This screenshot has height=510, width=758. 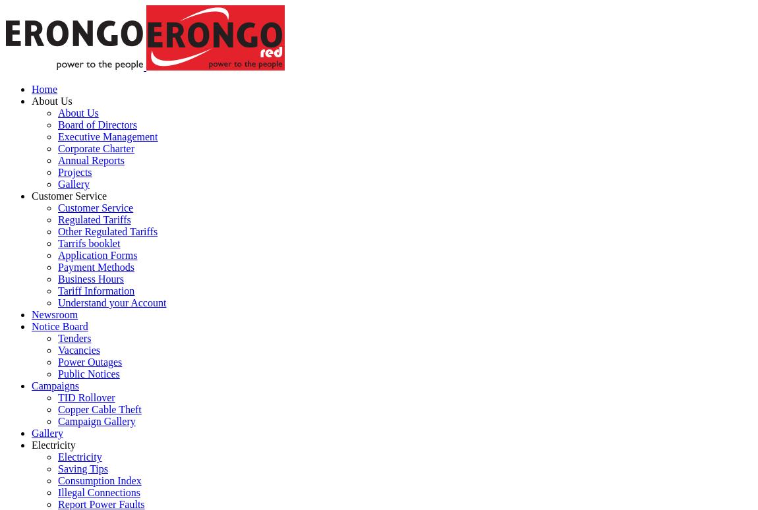 I want to click on 'Illegal Connections', so click(x=98, y=492).